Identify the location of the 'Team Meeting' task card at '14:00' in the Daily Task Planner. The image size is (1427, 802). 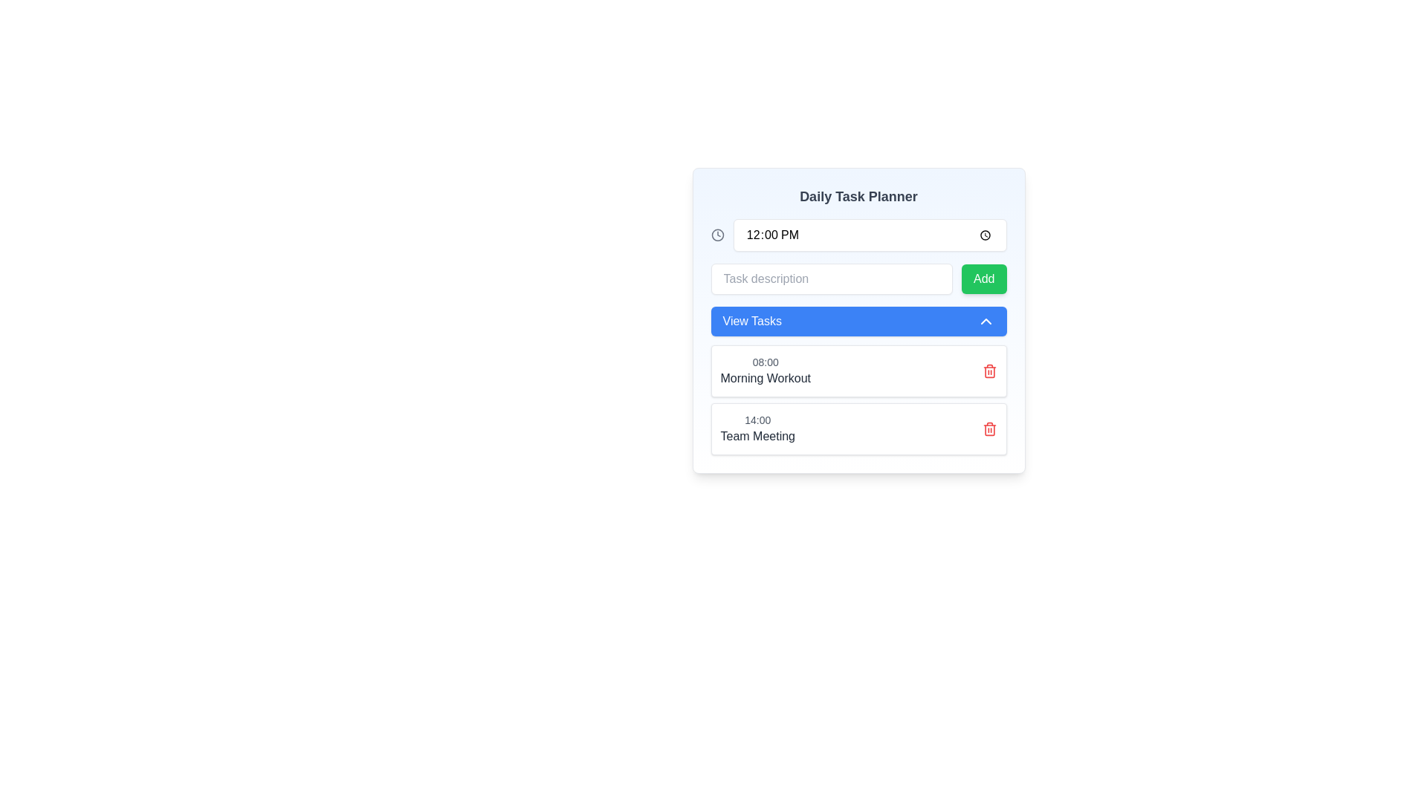
(858, 429).